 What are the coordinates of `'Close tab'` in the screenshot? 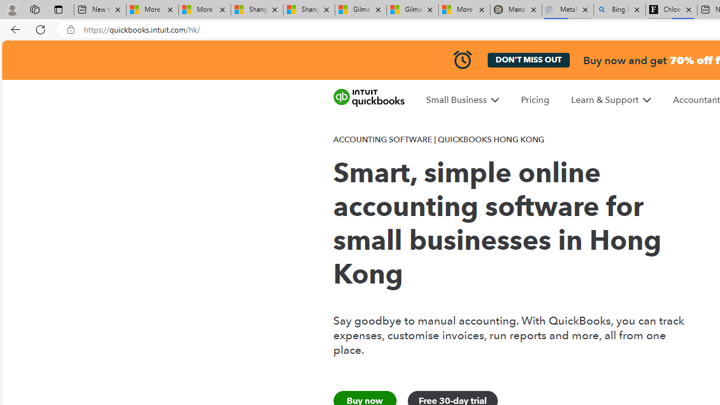 It's located at (688, 10).